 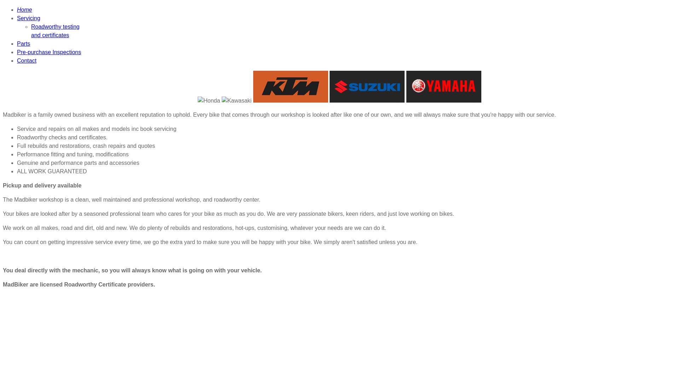 What do you see at coordinates (27, 60) in the screenshot?
I see `'Contact'` at bounding box center [27, 60].